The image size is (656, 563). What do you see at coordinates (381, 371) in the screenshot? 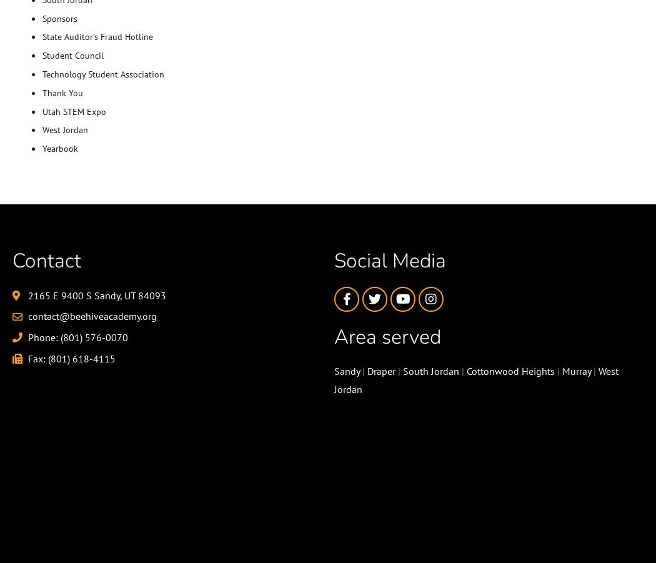
I see `'Draper'` at bounding box center [381, 371].